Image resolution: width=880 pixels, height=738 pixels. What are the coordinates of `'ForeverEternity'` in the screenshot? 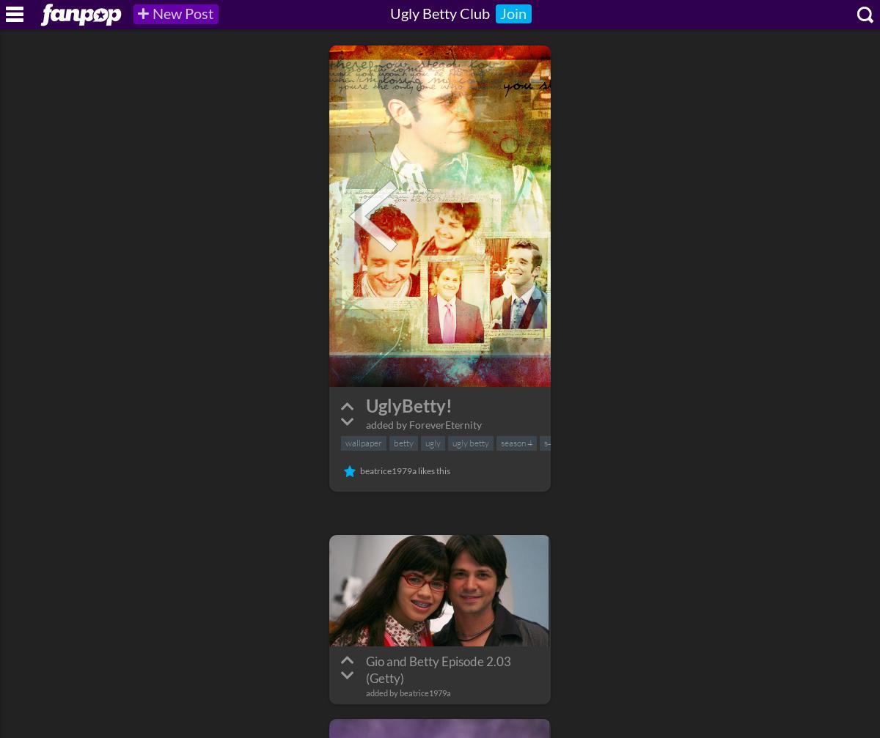 It's located at (445, 424).